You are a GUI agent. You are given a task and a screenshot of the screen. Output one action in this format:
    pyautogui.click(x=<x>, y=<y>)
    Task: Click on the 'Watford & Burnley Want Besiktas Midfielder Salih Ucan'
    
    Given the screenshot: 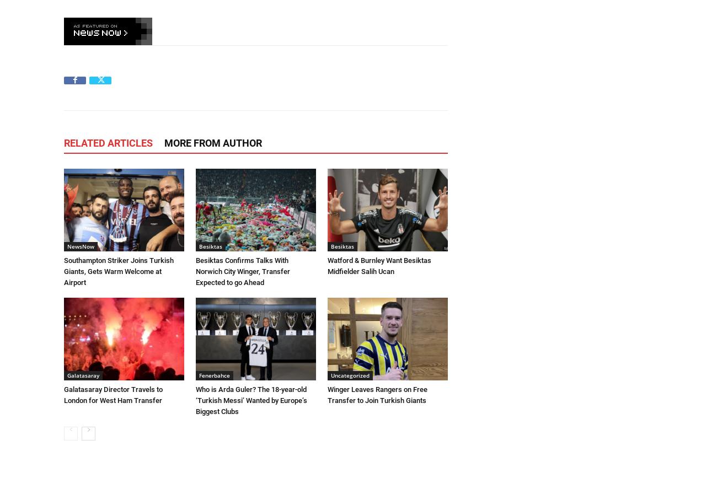 What is the action you would take?
    pyautogui.click(x=378, y=265)
    